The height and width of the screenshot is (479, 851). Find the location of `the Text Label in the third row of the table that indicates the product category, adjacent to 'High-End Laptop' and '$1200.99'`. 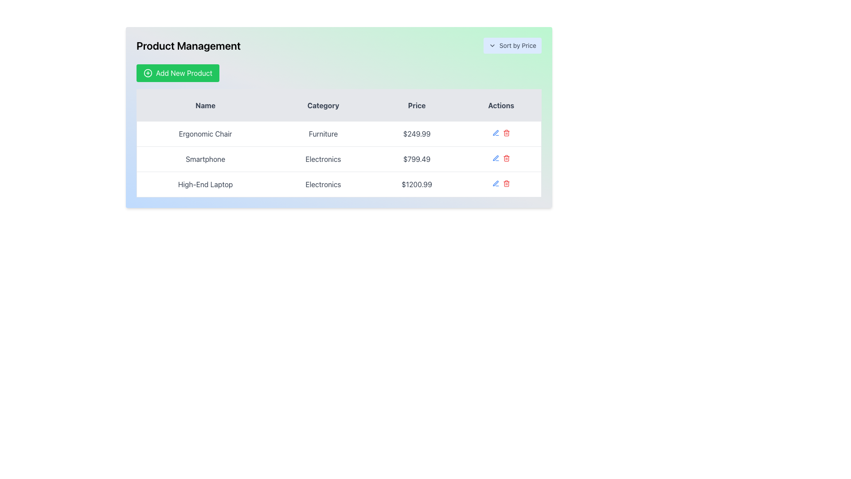

the Text Label in the third row of the table that indicates the product category, adjacent to 'High-End Laptop' and '$1200.99' is located at coordinates (323, 184).